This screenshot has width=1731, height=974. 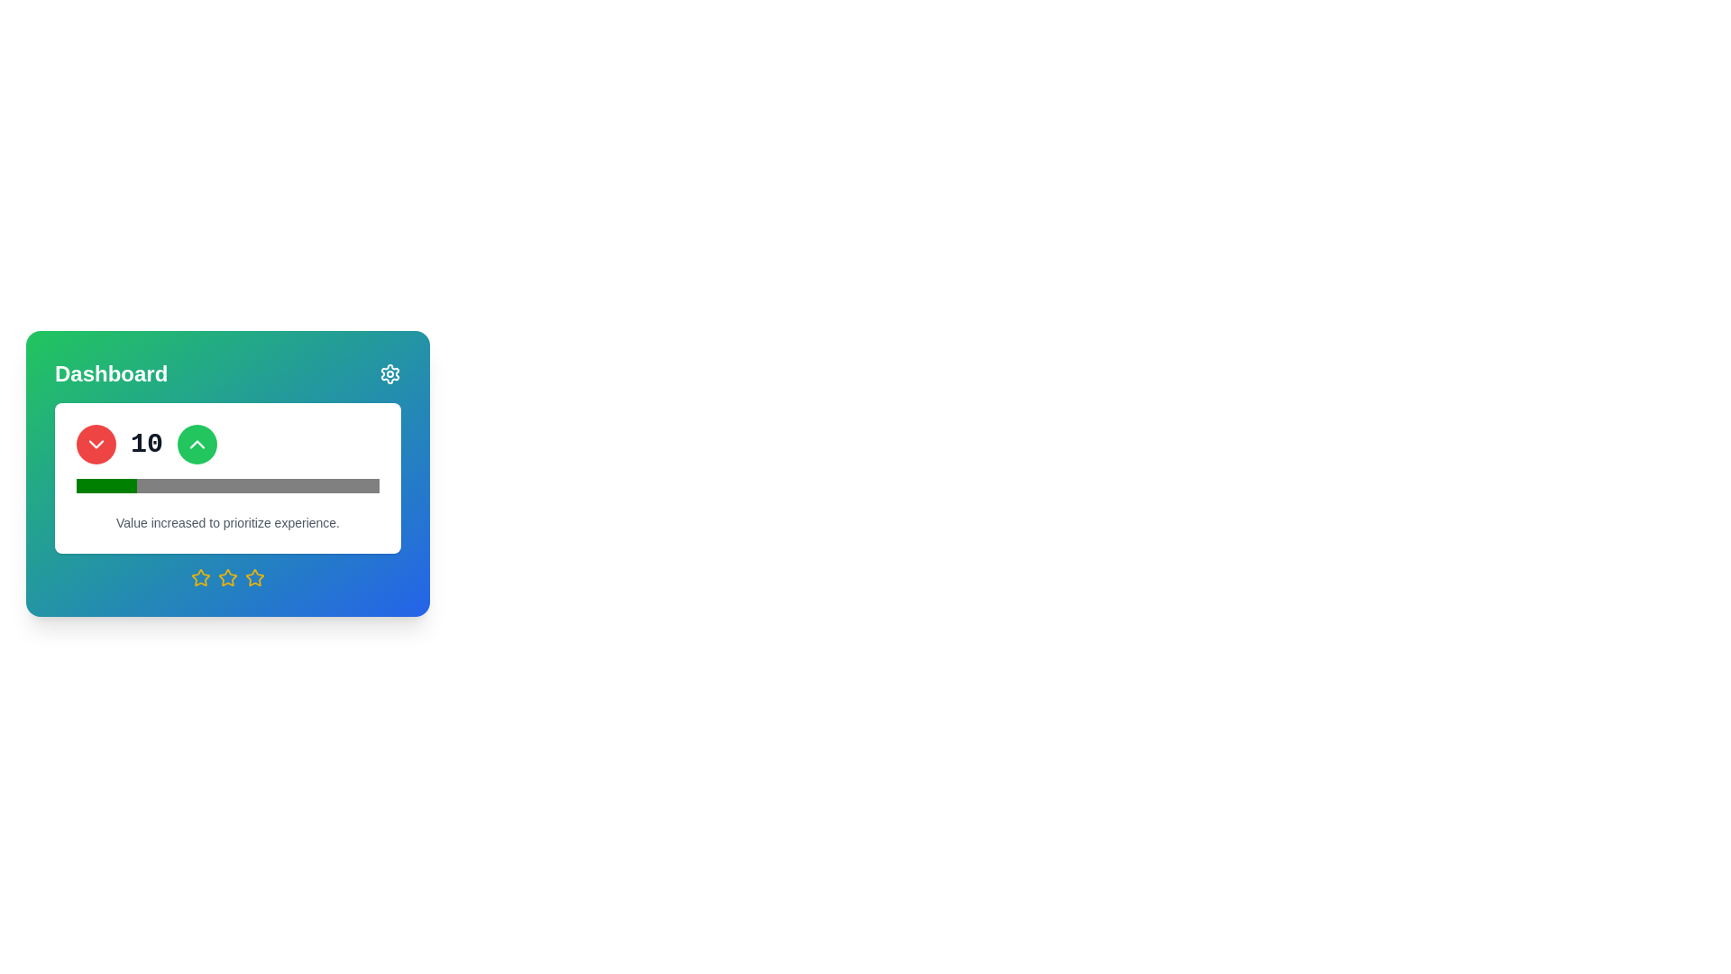 What do you see at coordinates (227, 522) in the screenshot?
I see `the text label that provides context-relevant information, located directly under the horizontal progress bar and above the star icons in the central card-like interface` at bounding box center [227, 522].